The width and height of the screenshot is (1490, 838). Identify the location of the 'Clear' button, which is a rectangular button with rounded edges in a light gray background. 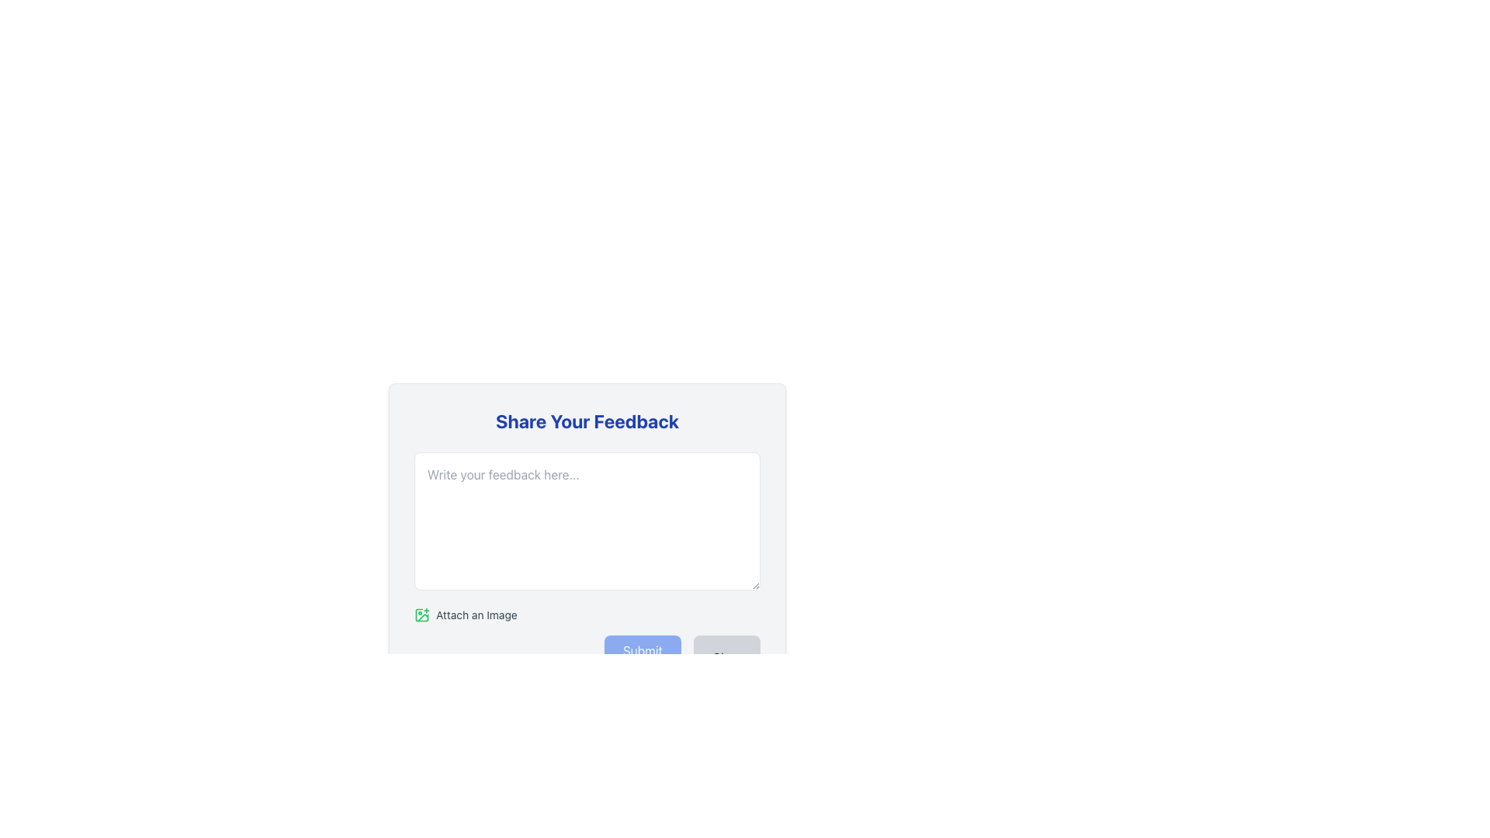
(726, 658).